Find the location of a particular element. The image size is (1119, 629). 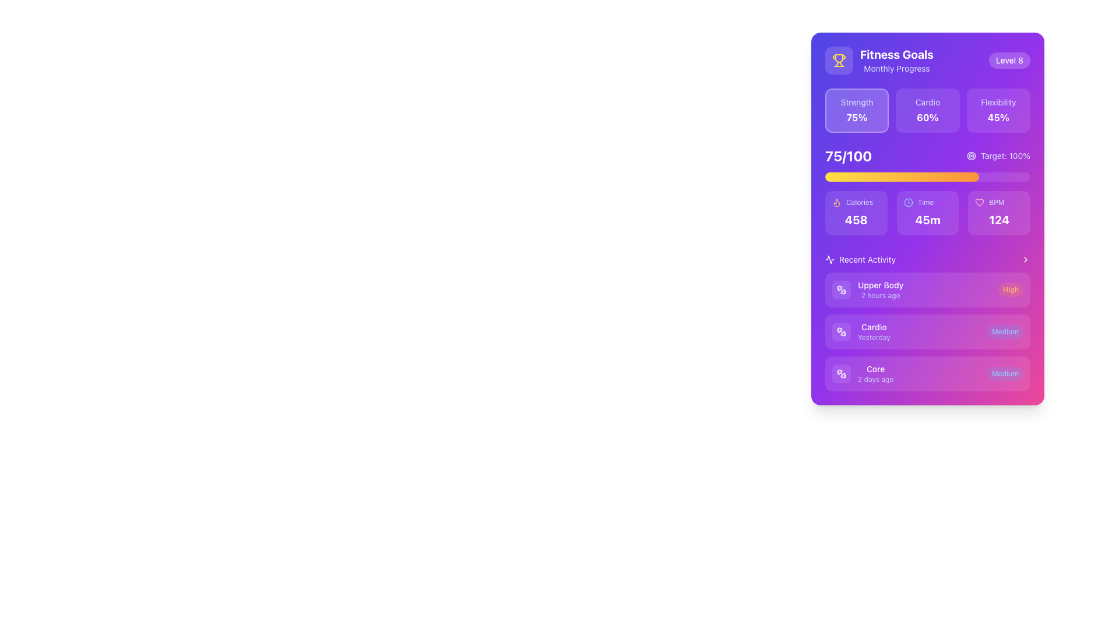

the 'Calories' icon that symbolizes a flame, indicating energy expenditure, located to the left of the 'Calories' text and above the number '458' is located at coordinates (836, 202).